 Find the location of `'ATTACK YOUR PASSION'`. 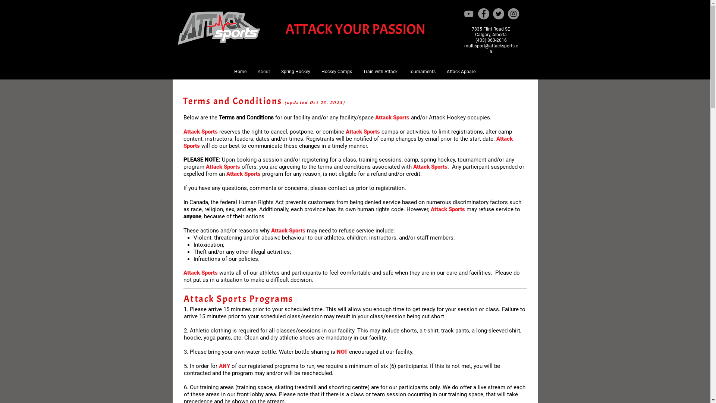

'ATTACK YOUR PASSION' is located at coordinates (354, 29).